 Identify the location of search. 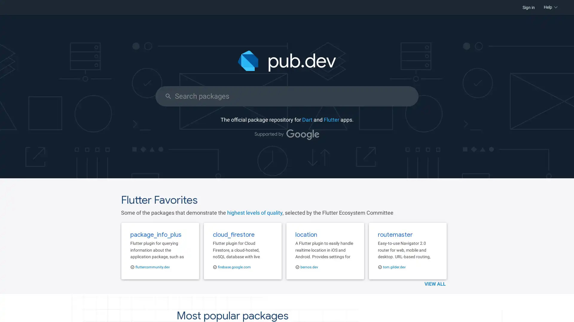
(168, 96).